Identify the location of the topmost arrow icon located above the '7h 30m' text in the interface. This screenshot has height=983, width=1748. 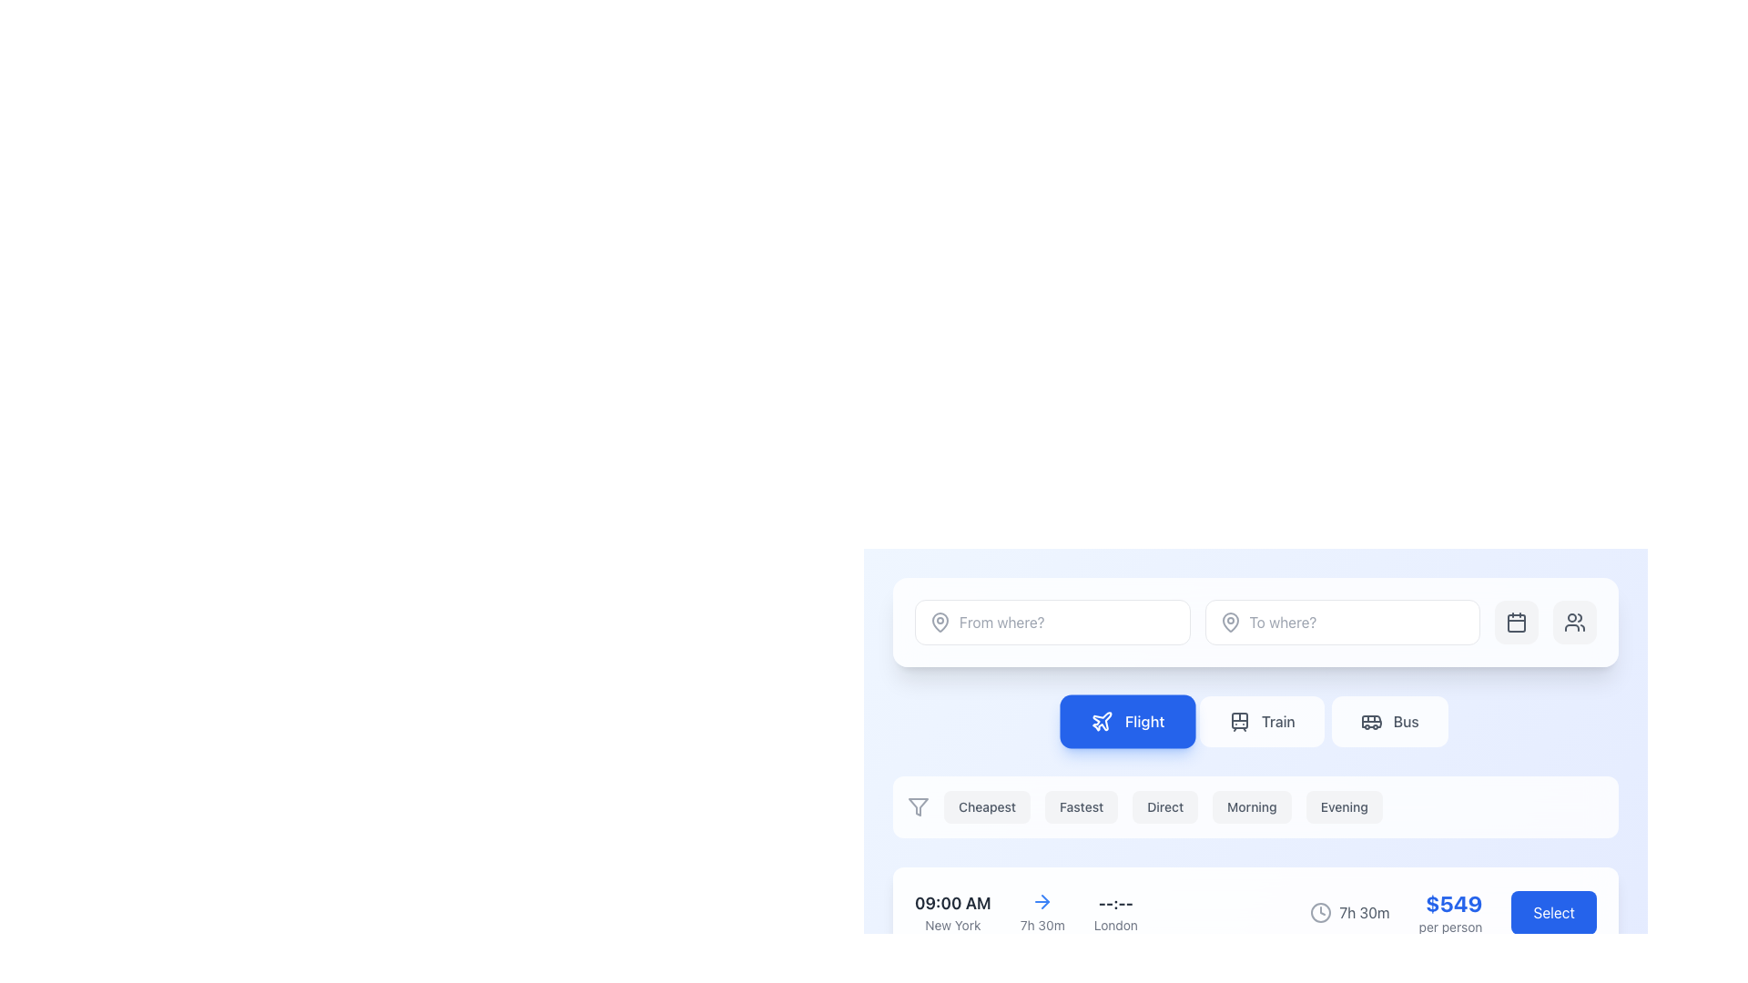
(1042, 902).